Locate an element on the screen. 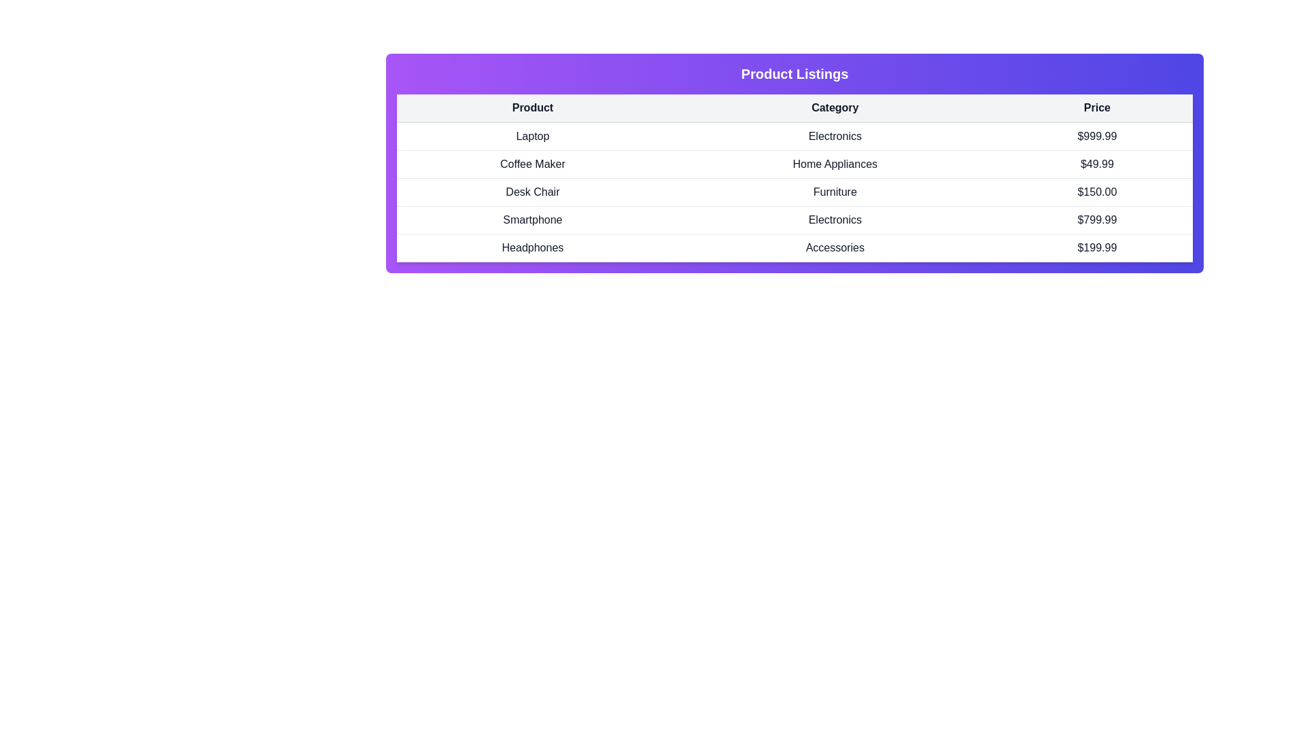 This screenshot has height=734, width=1305. text content of the 'Electronics' label, which is displayed in the second cell of the first row in the 'Category' column of the table is located at coordinates (834, 136).